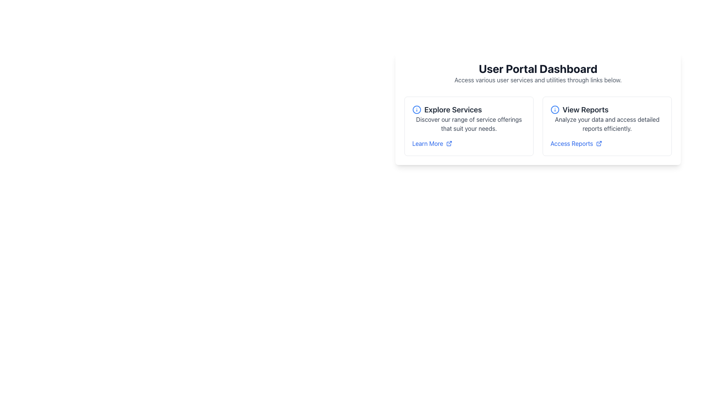  I want to click on the third icon in the 'View Reports' section, located below the 'Access Reports' text, so click(598, 144).